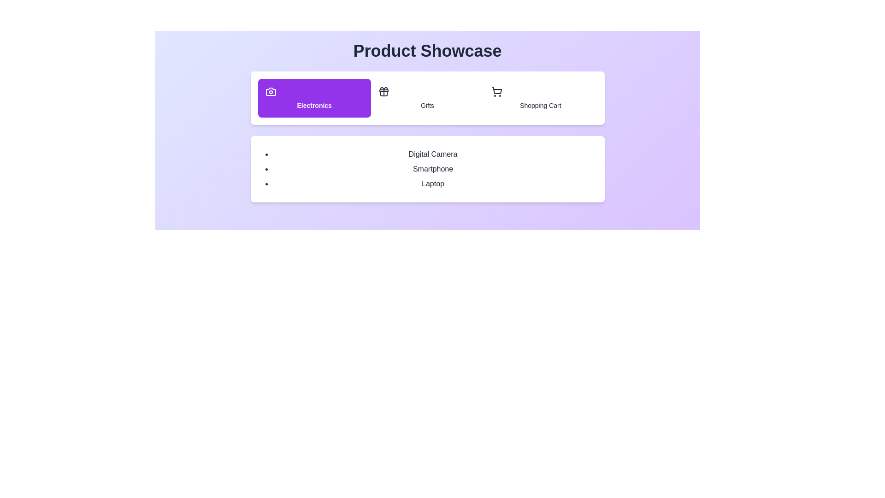 Image resolution: width=885 pixels, height=498 pixels. I want to click on the item in the product categories list under the 'Electronics' section for navigation or interaction, so click(427, 169).